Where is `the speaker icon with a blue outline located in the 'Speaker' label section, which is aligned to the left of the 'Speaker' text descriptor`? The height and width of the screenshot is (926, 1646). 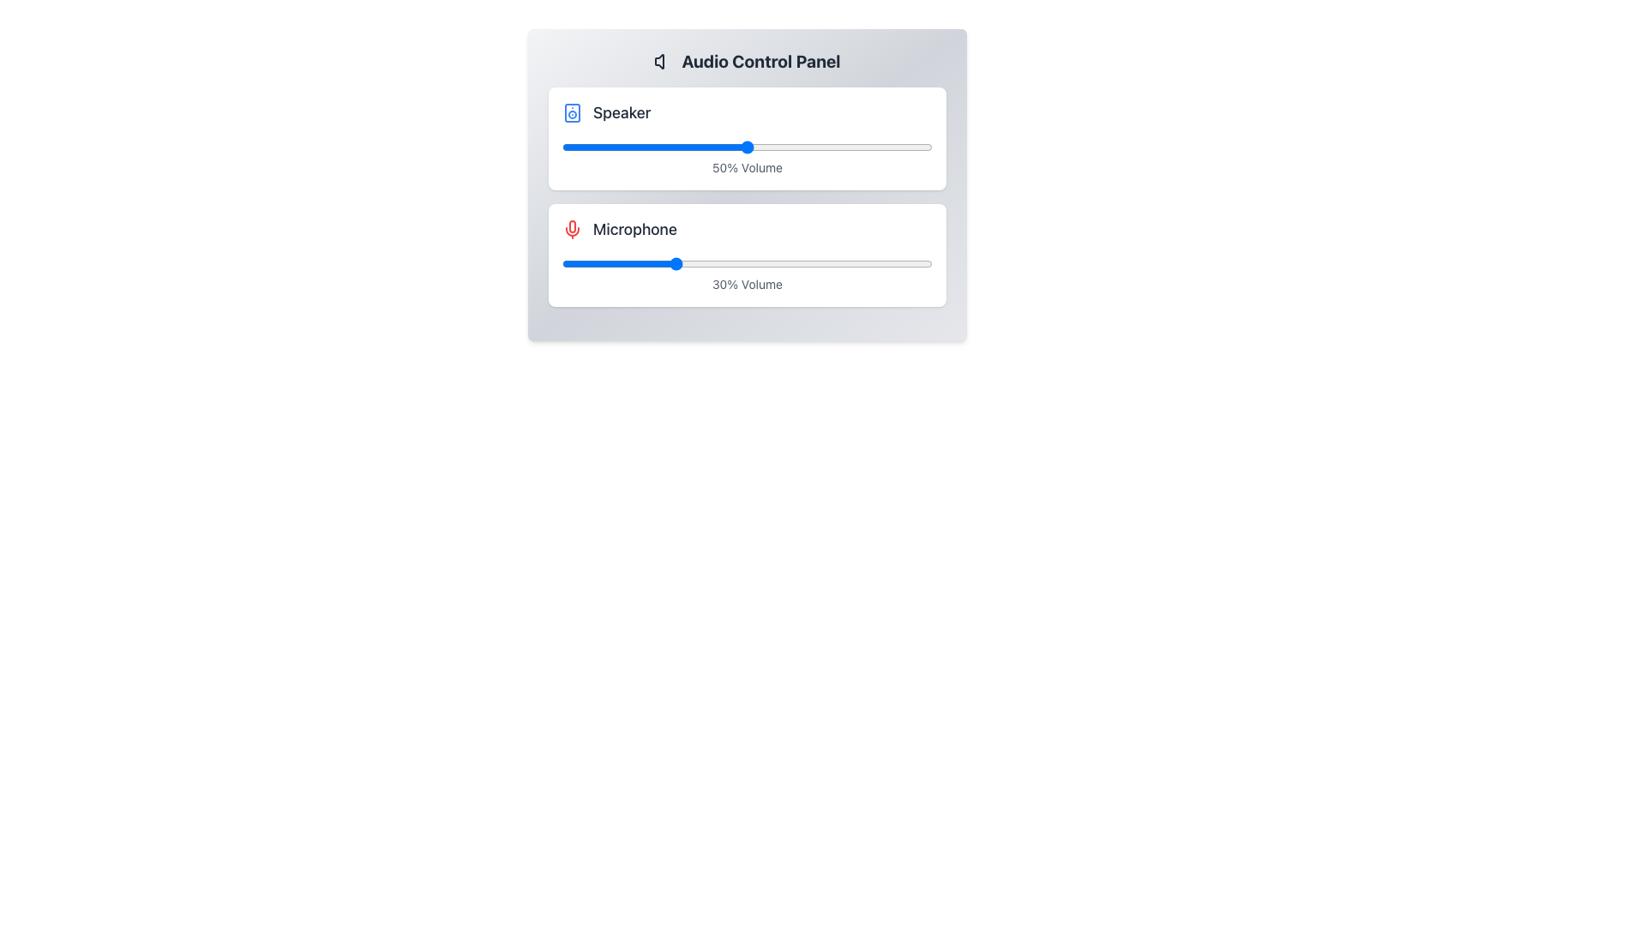
the speaker icon with a blue outline located in the 'Speaker' label section, which is aligned to the left of the 'Speaker' text descriptor is located at coordinates (572, 112).